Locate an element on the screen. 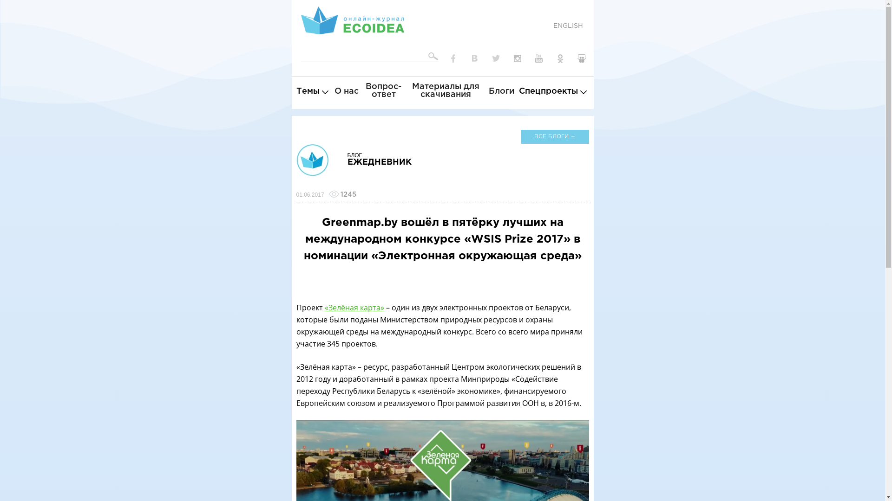  'Slideshare' is located at coordinates (572, 58).